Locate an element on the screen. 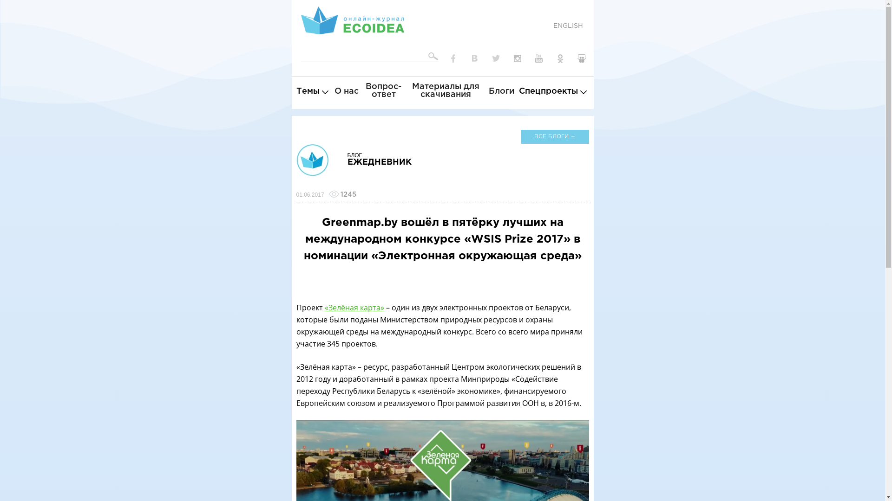  'Slideshare' is located at coordinates (572, 58).